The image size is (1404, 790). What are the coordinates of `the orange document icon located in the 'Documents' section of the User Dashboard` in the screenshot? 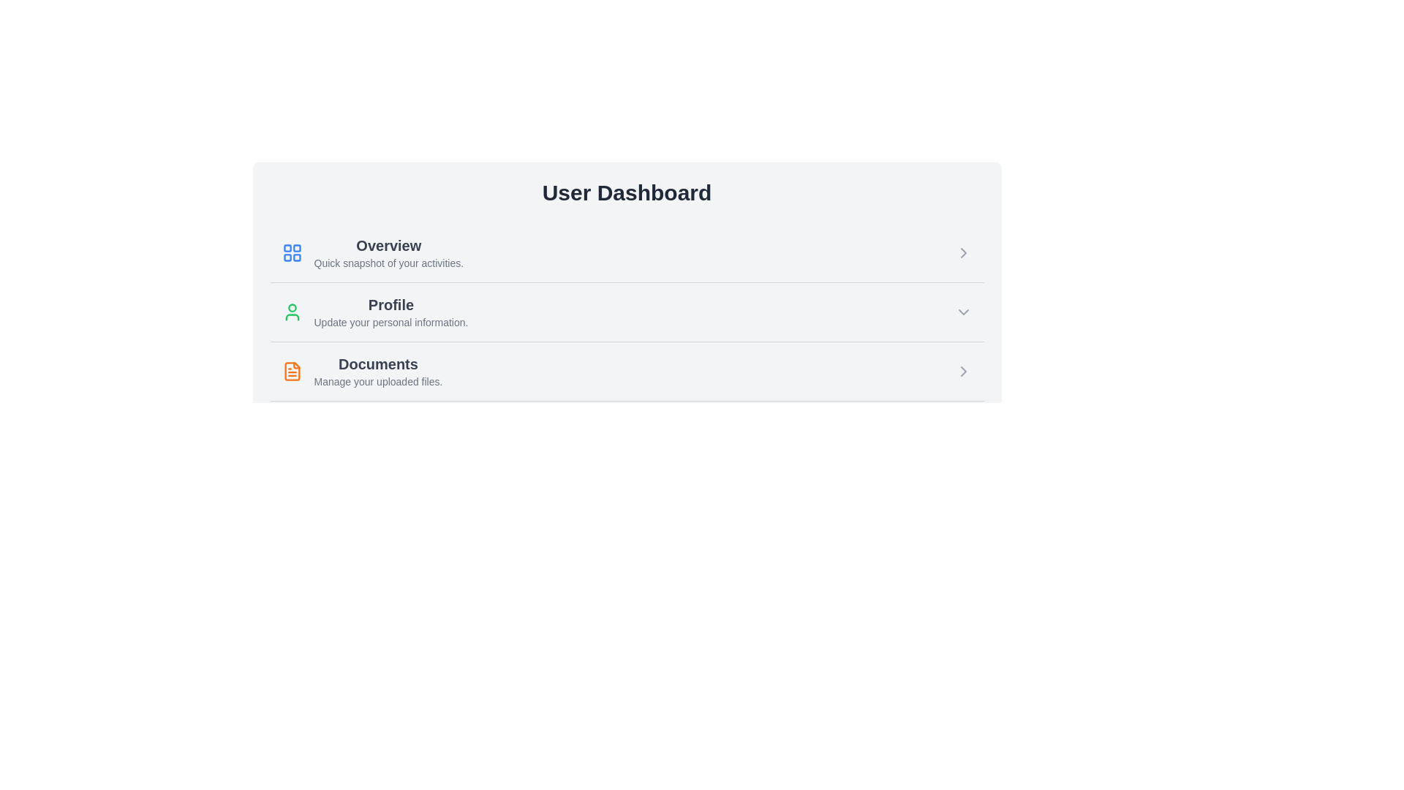 It's located at (292, 371).